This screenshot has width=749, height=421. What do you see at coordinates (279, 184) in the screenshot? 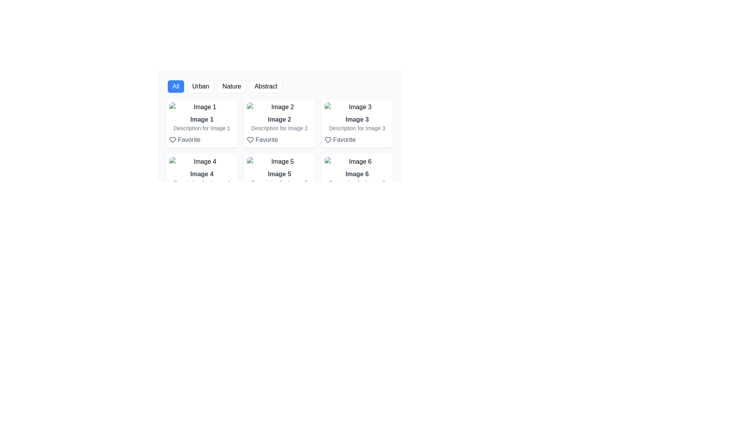
I see `the heart icon to favorite 'Image 5' in the Composite element that provides interaction control for this item` at bounding box center [279, 184].